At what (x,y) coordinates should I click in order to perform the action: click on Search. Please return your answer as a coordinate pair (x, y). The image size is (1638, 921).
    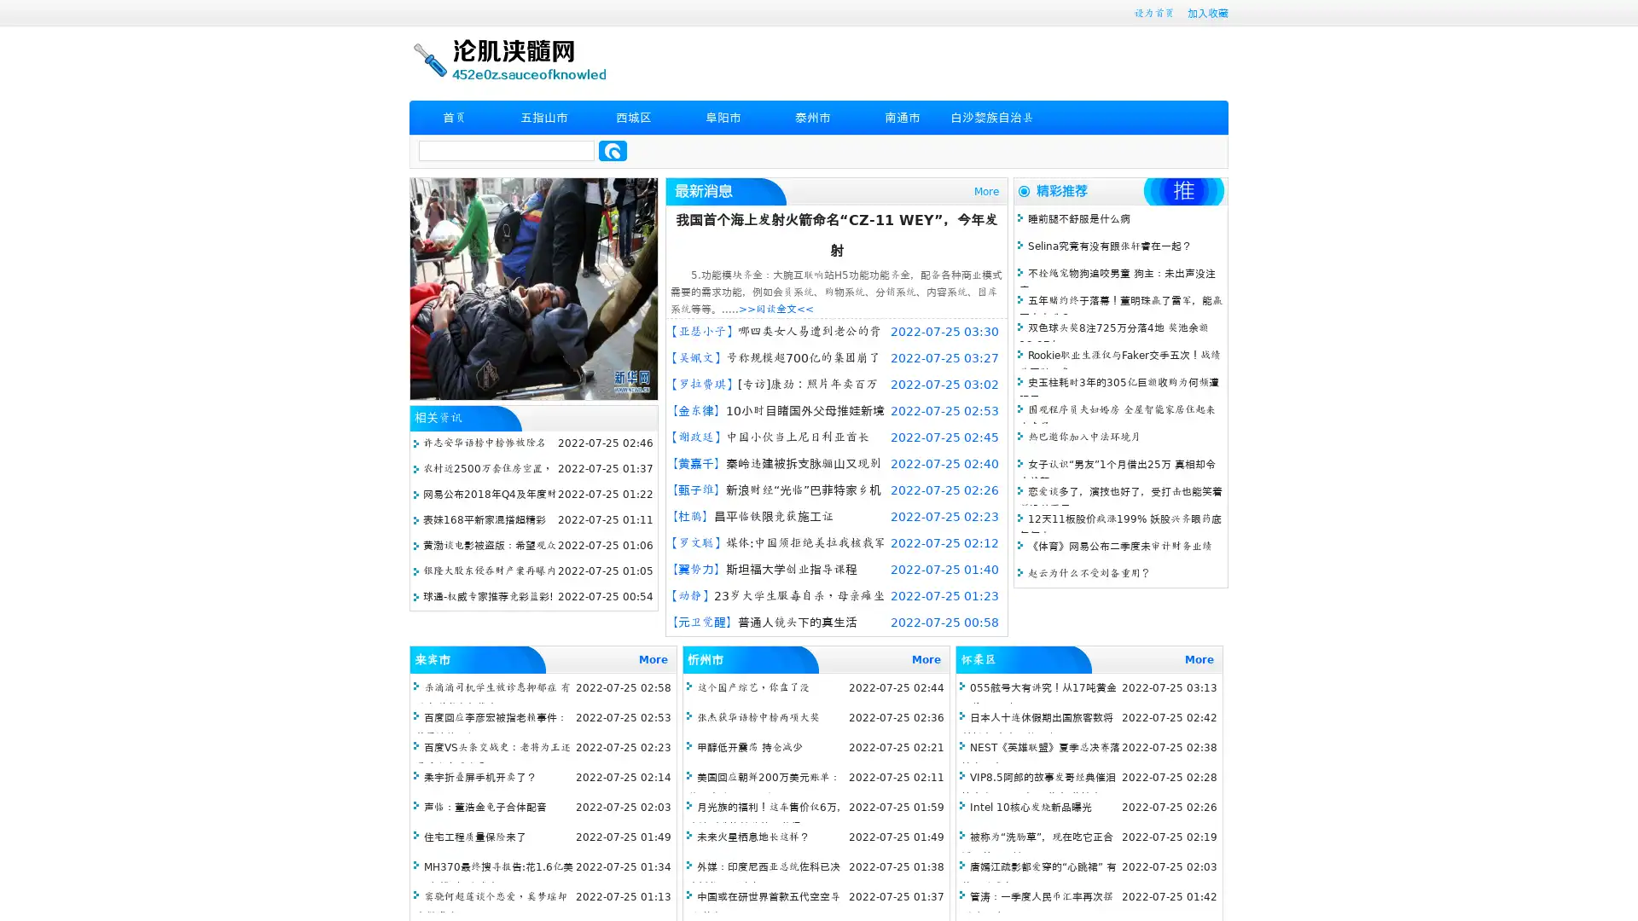
    Looking at the image, I should click on (613, 150).